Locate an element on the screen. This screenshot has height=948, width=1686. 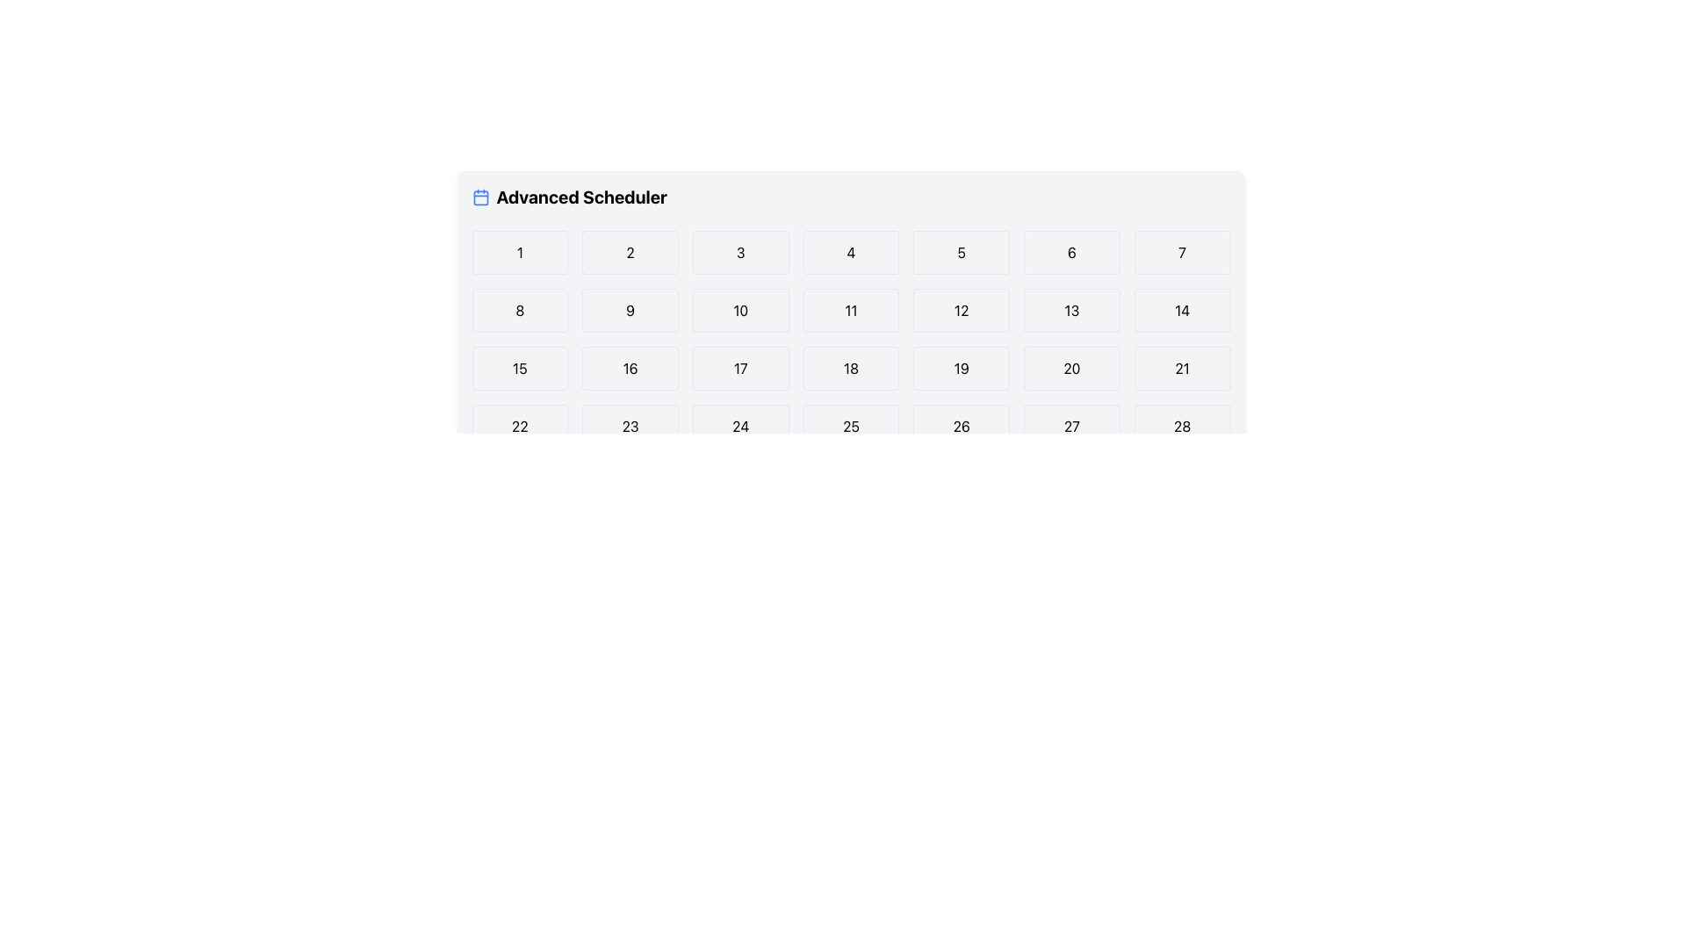
the rectangular button displaying the number '1' located below the 'Advanced Scheduler' title is located at coordinates (519, 253).